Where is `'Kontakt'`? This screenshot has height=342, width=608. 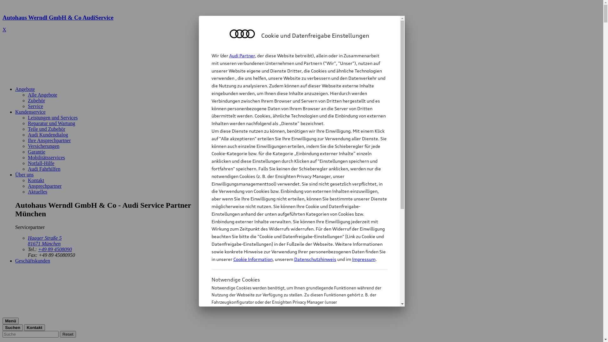
'Kontakt' is located at coordinates (34, 327).